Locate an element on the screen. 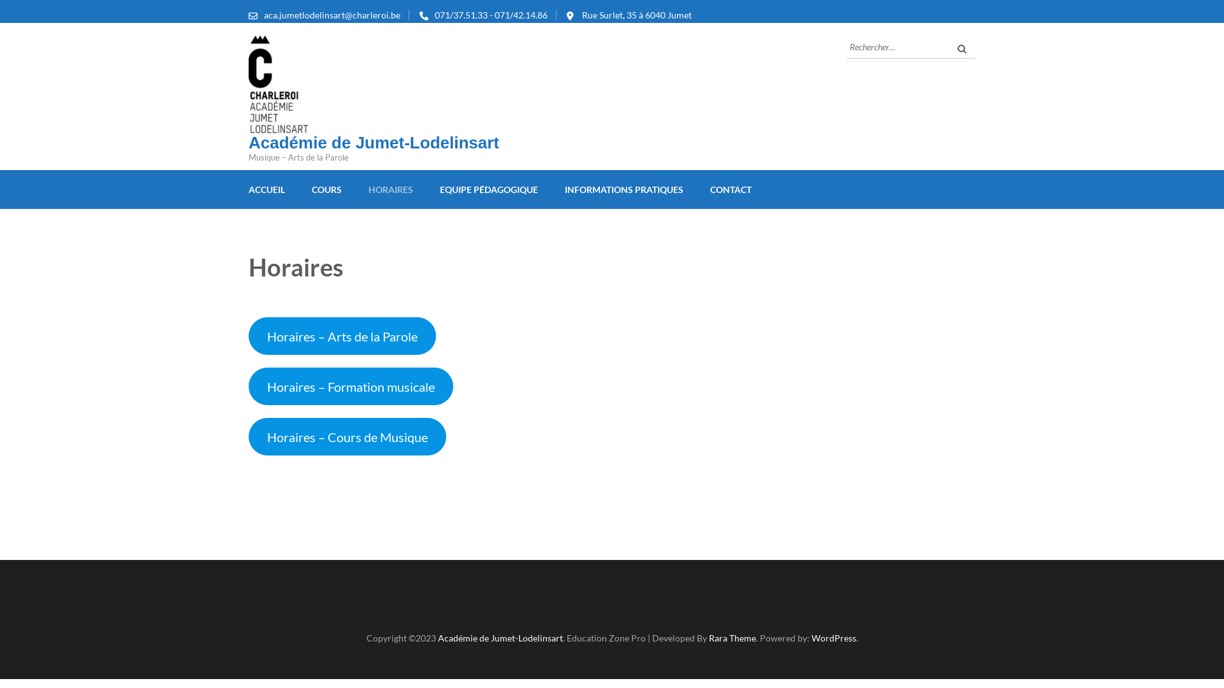 This screenshot has height=688, width=1224. 'aca.jumetlodelinsart@charleroi.be' is located at coordinates (332, 15).